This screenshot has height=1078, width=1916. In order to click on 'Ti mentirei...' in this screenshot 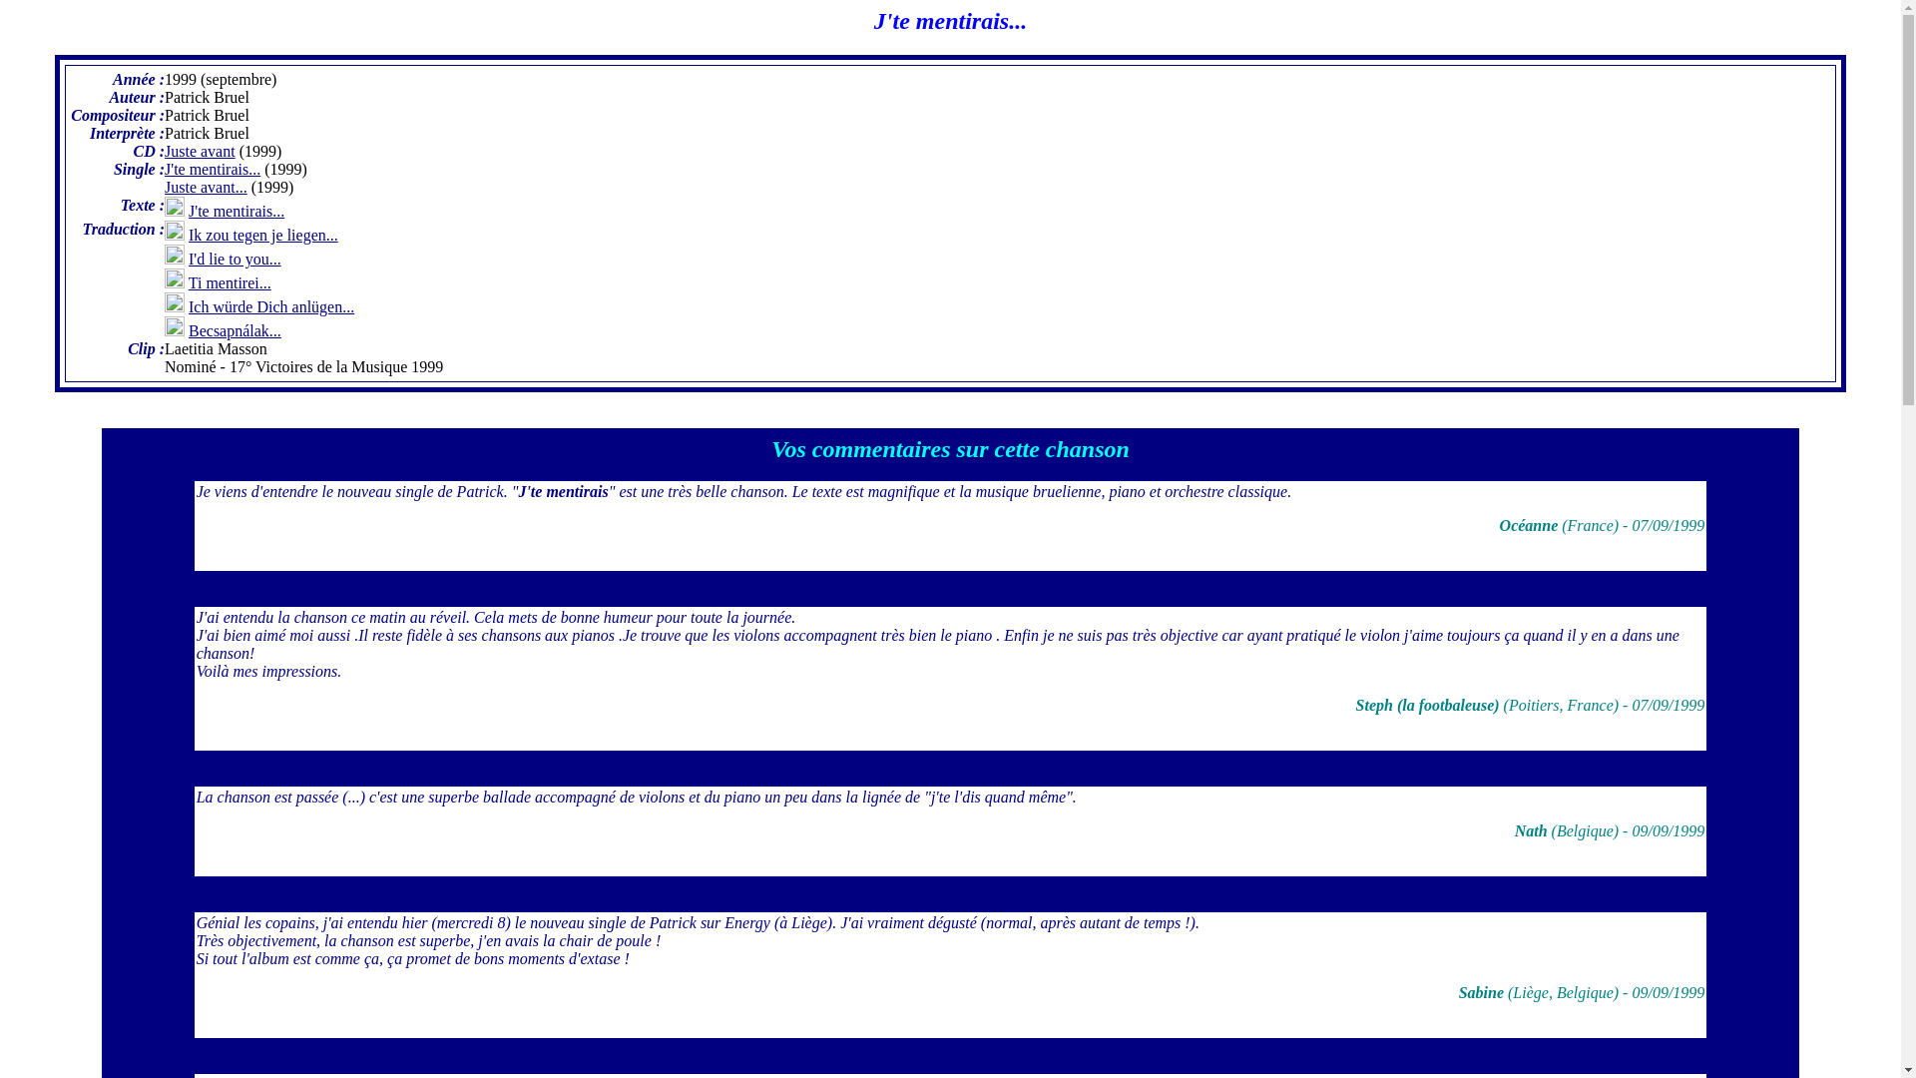, I will do `click(188, 282)`.